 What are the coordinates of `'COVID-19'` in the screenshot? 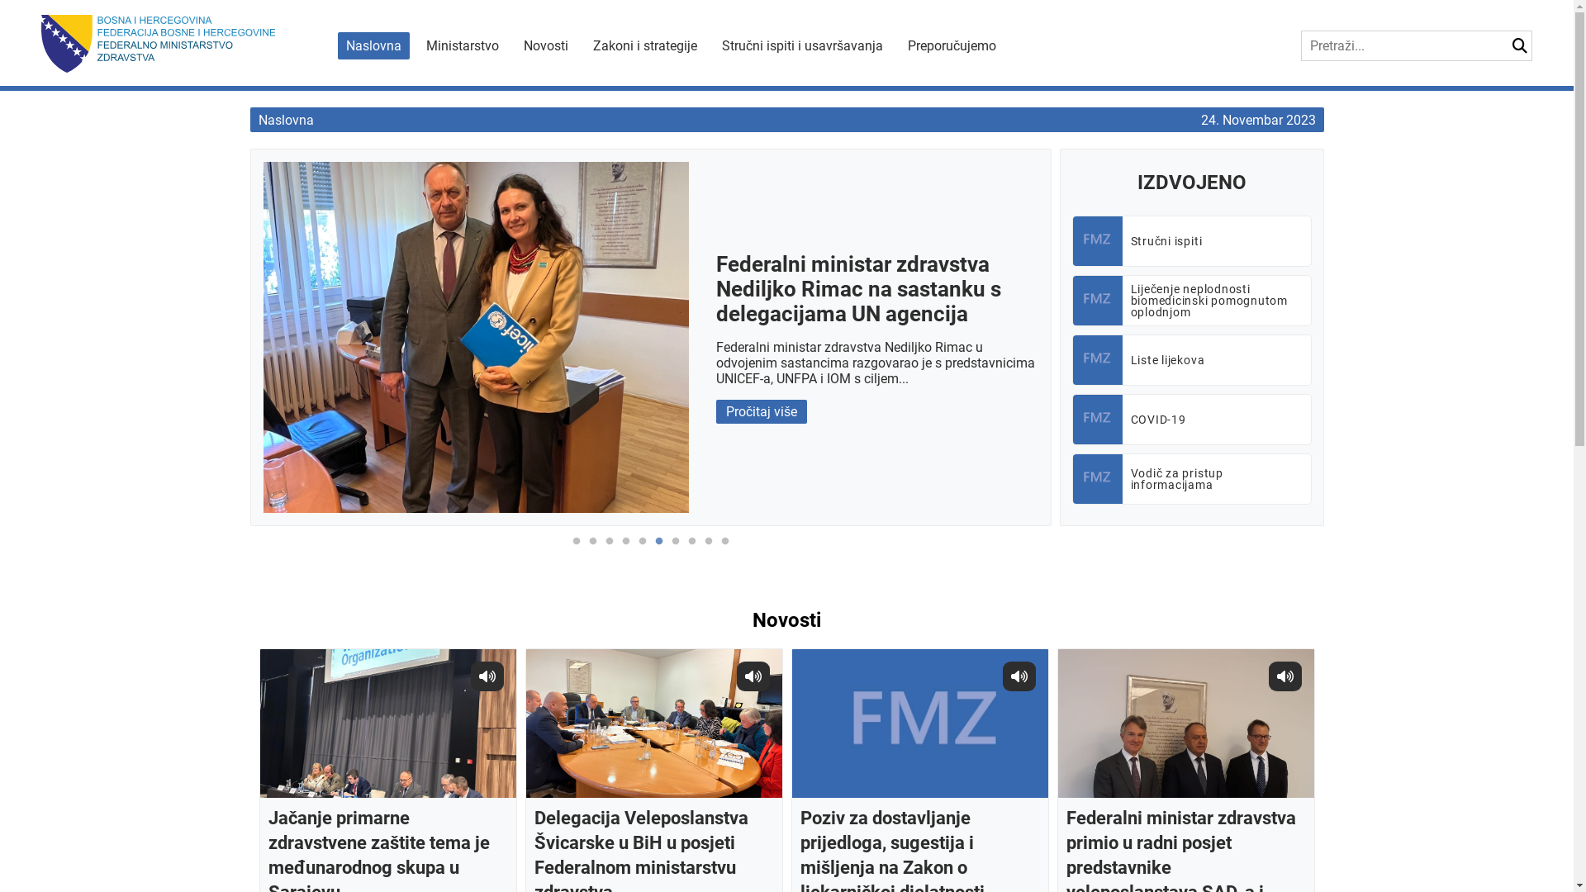 It's located at (1192, 419).